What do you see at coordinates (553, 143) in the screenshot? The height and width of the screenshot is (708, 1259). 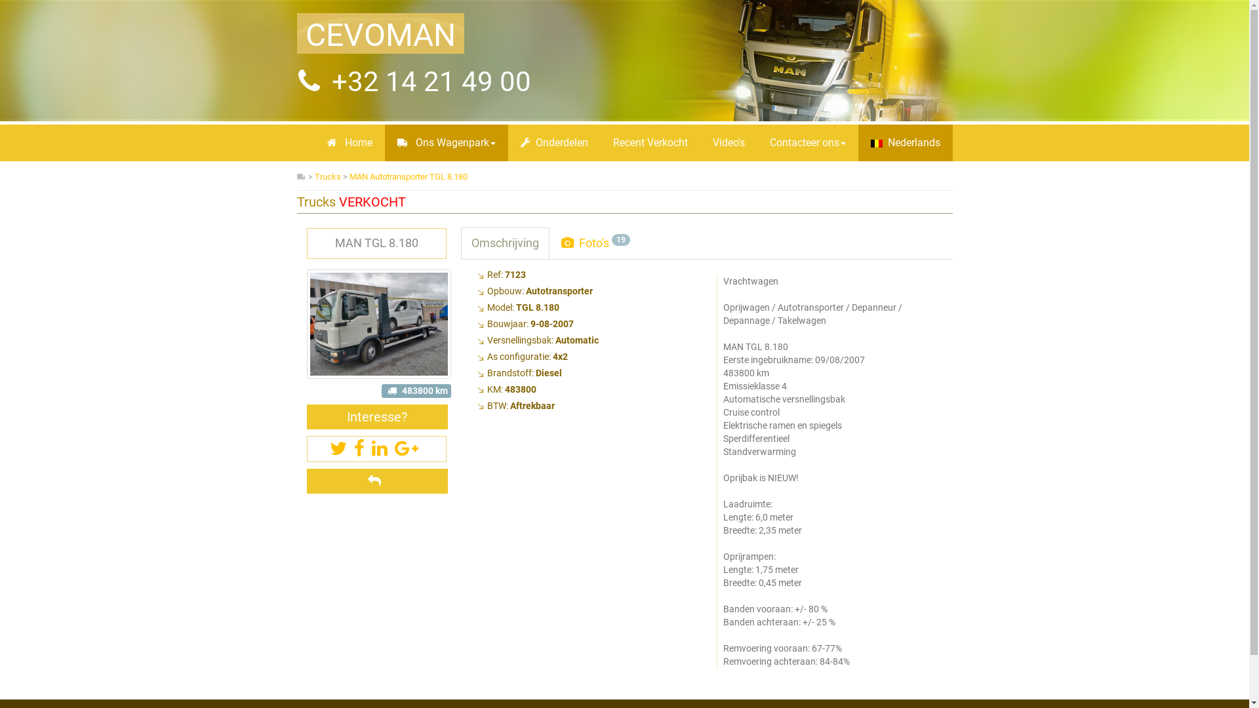 I see `'Onderdelen'` at bounding box center [553, 143].